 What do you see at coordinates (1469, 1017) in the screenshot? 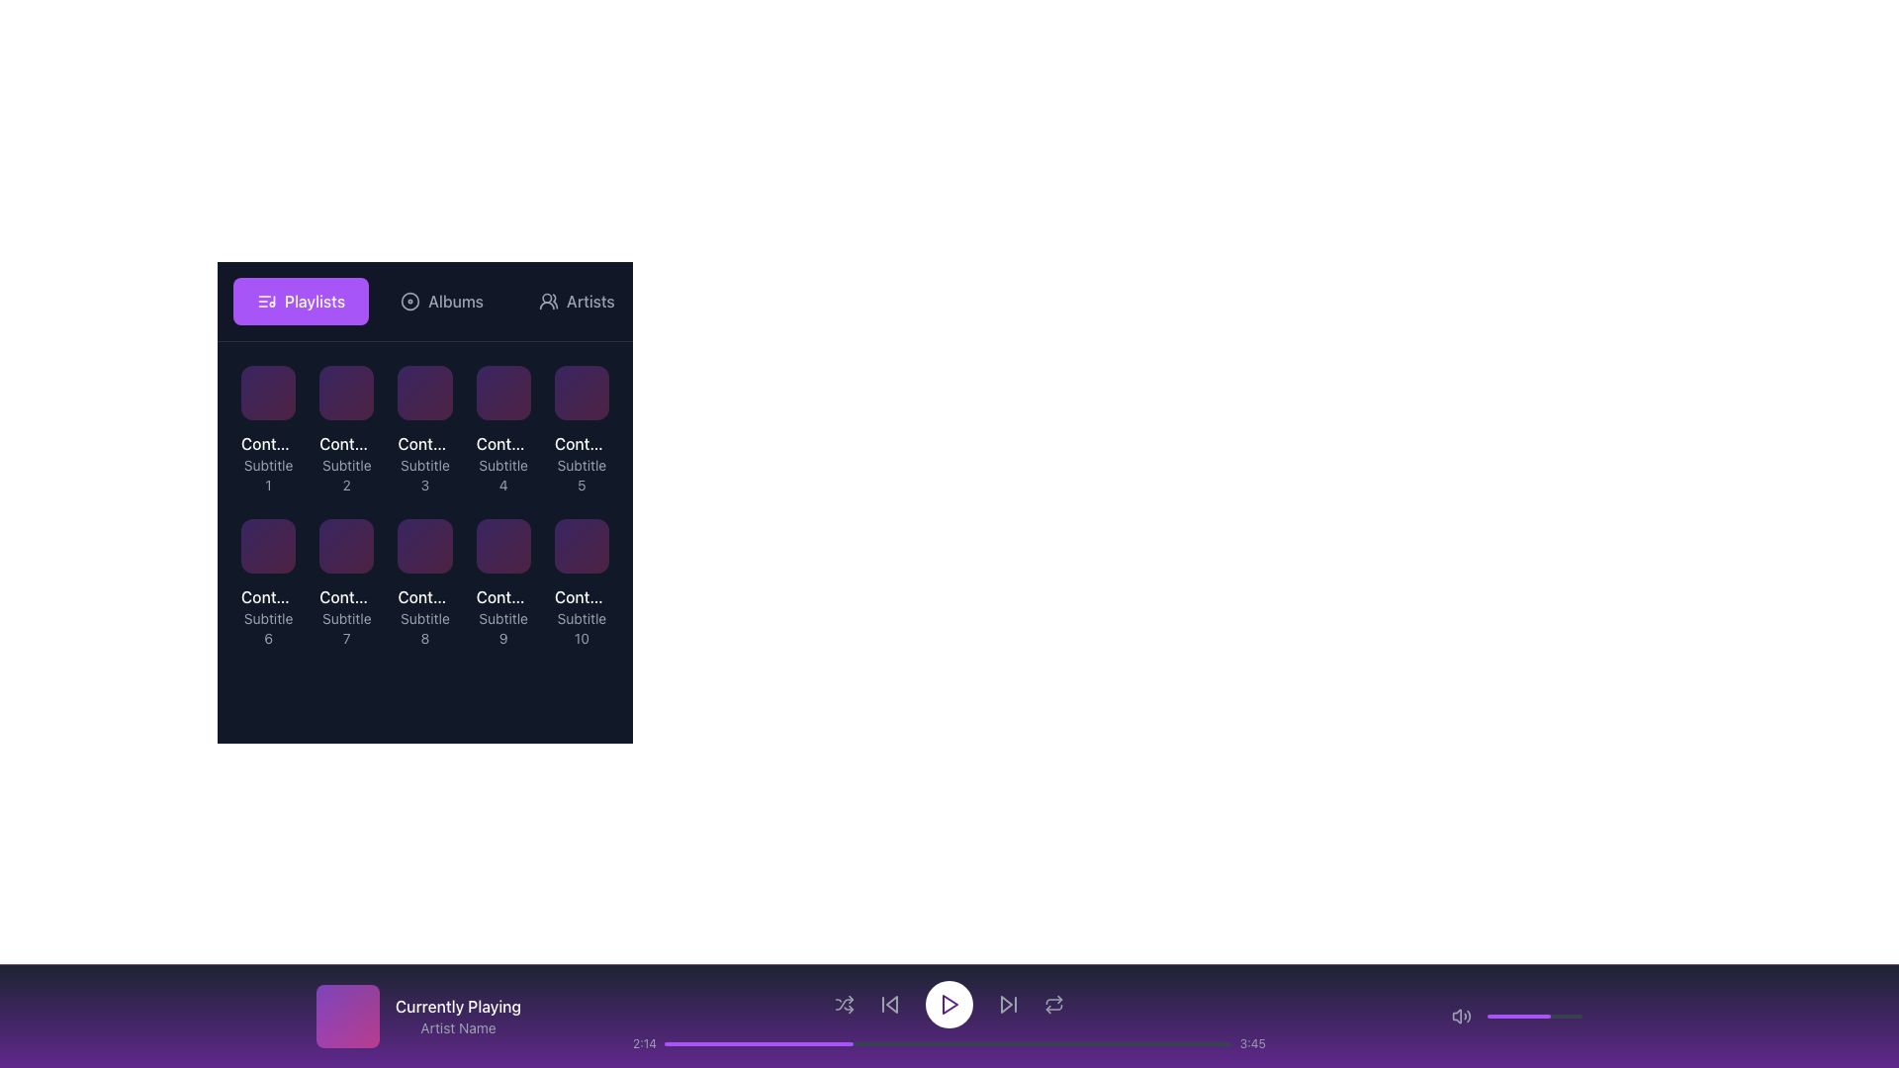
I see `third curve of the sound wave icon located in the bottom audio control bar on the right side using developer tools` at bounding box center [1469, 1017].